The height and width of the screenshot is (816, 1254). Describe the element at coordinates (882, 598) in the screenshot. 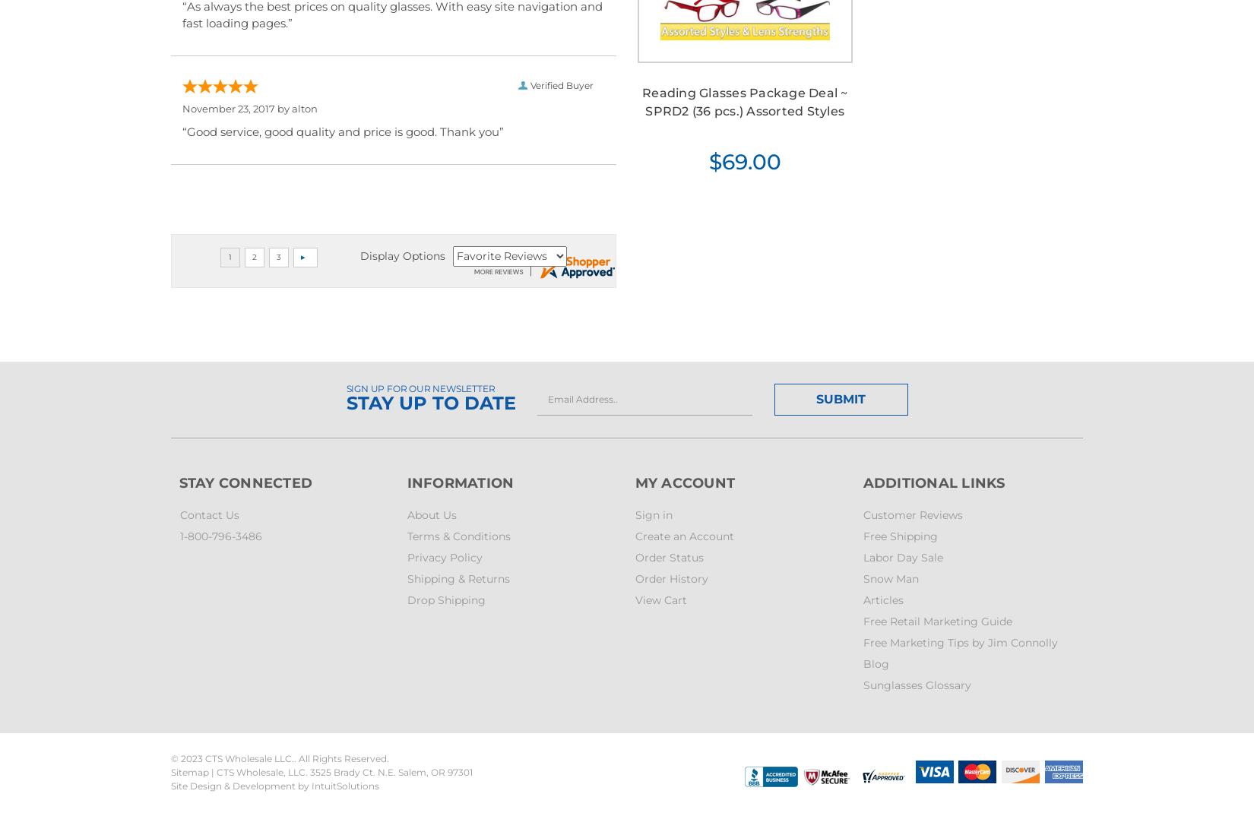

I see `'Articles'` at that location.